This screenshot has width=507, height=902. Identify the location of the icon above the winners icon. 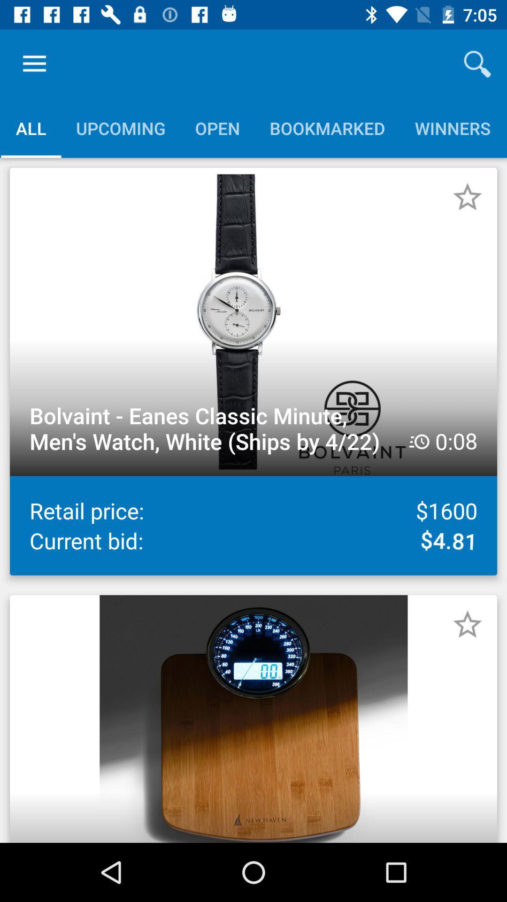
(477, 63).